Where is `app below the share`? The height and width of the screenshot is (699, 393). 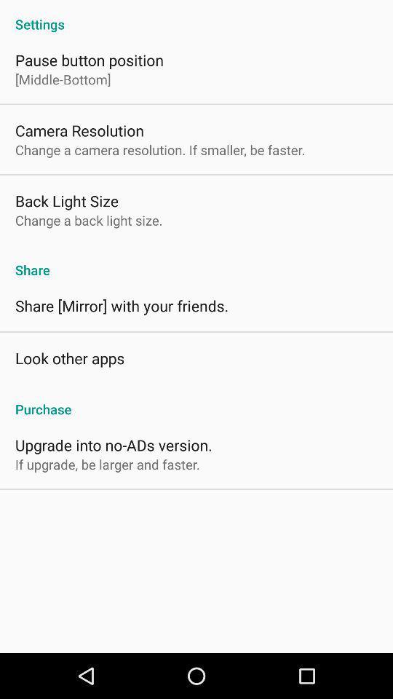 app below the share is located at coordinates (121, 305).